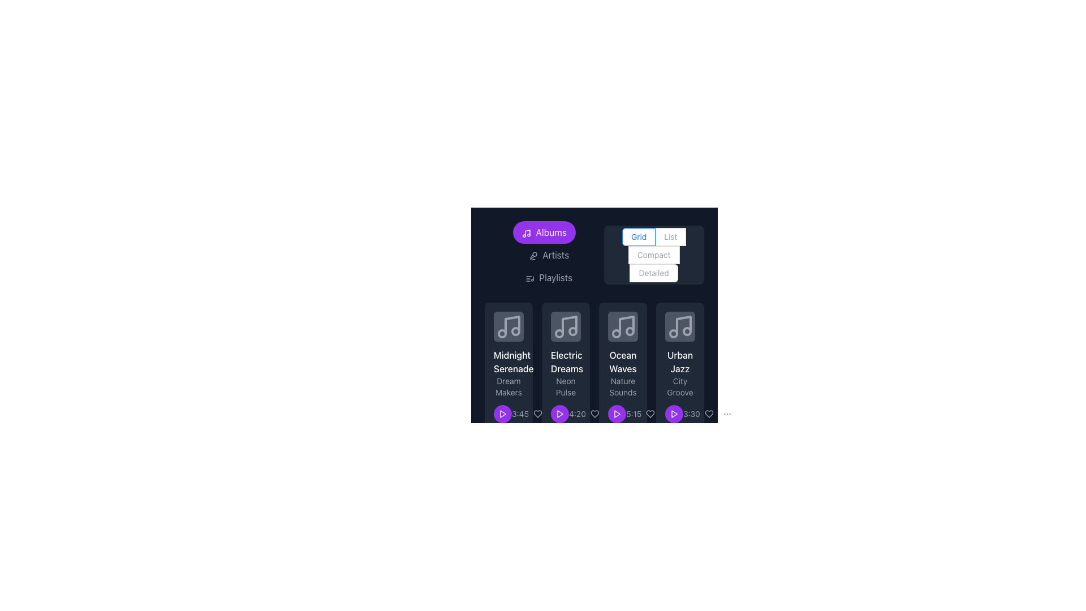  I want to click on the triangular play icon, which is filled with a solid red color and located within a purple circular background below the album titled 'Electric Dreams', so click(560, 414).